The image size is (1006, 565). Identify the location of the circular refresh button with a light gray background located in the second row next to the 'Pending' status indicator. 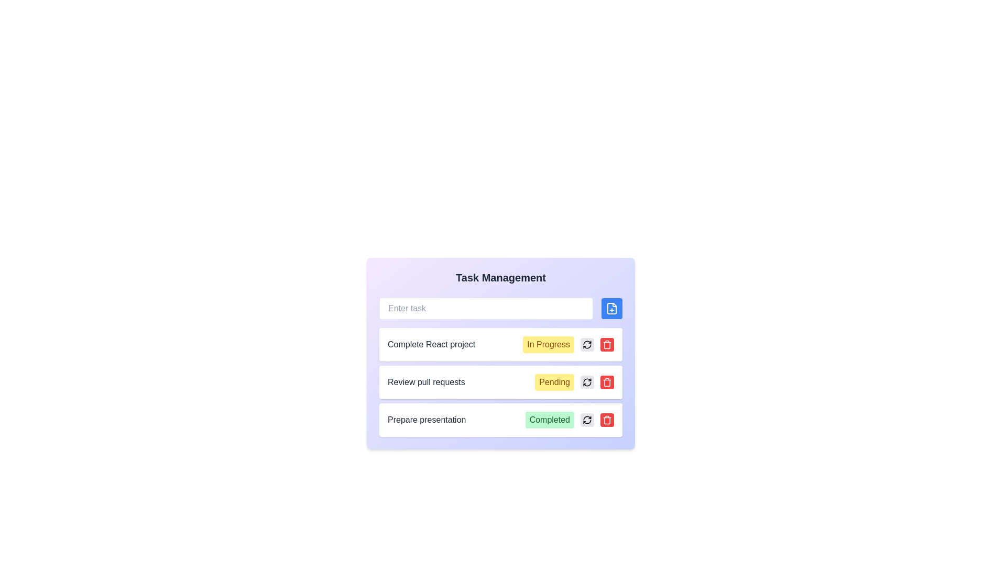
(587, 382).